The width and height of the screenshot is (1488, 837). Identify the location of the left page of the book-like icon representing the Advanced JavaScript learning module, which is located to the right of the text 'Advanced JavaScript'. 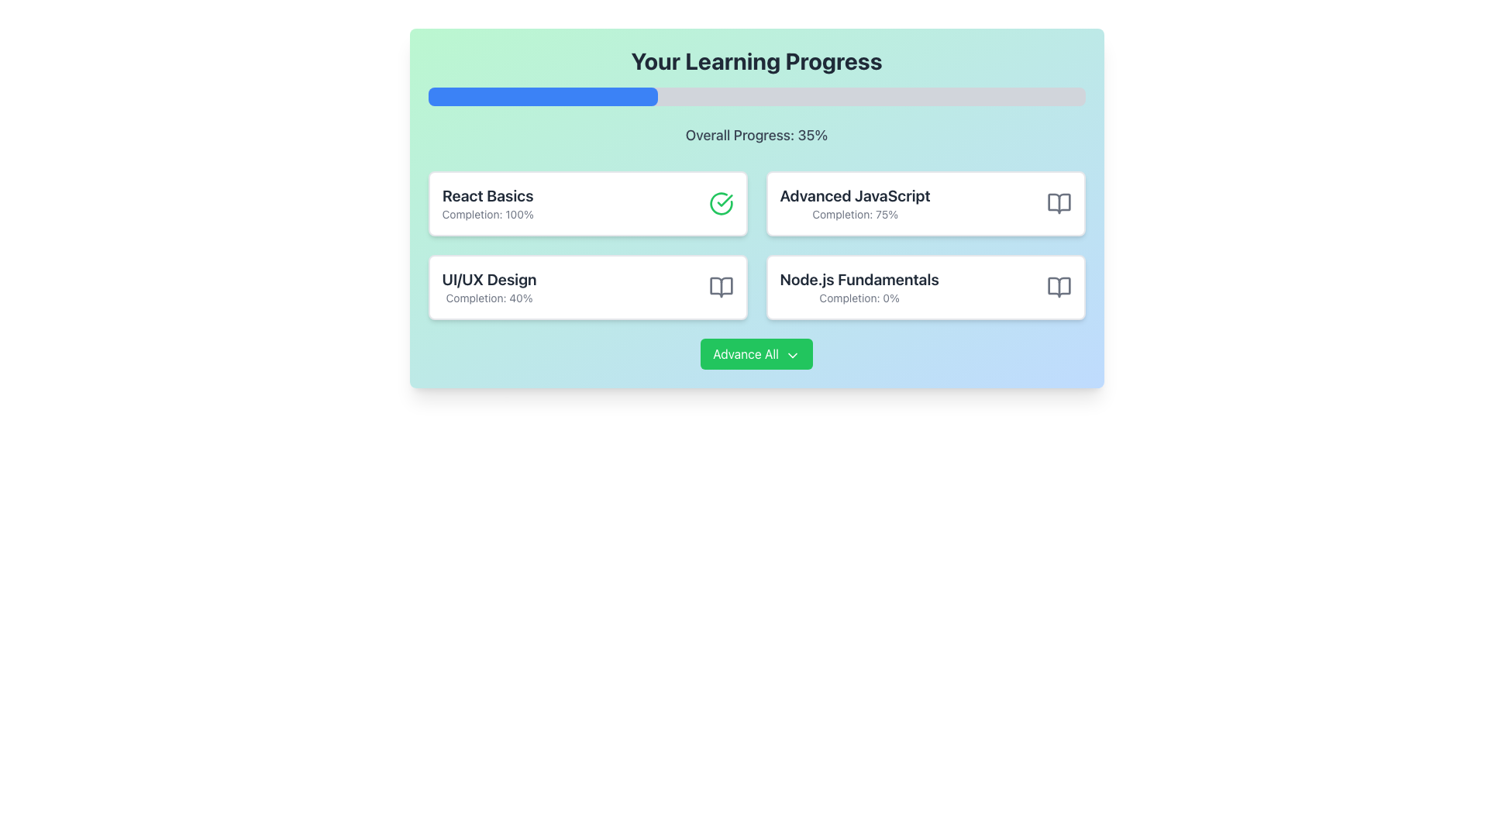
(1058, 202).